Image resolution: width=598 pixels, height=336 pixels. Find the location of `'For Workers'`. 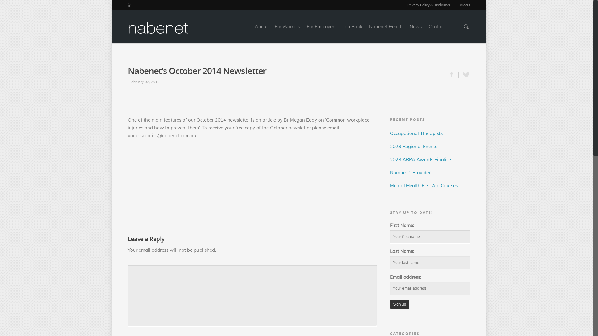

'For Workers' is located at coordinates (287, 31).